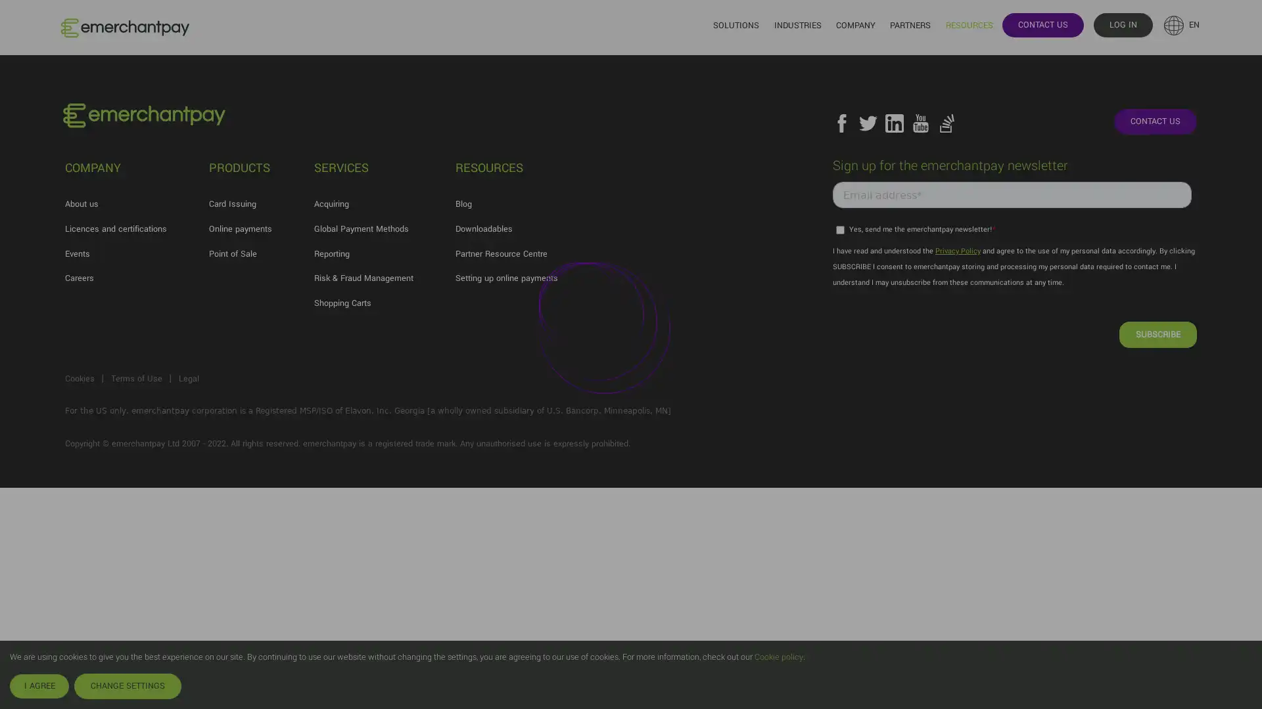 Image resolution: width=1262 pixels, height=709 pixels. What do you see at coordinates (1122, 24) in the screenshot?
I see `LOG IN` at bounding box center [1122, 24].